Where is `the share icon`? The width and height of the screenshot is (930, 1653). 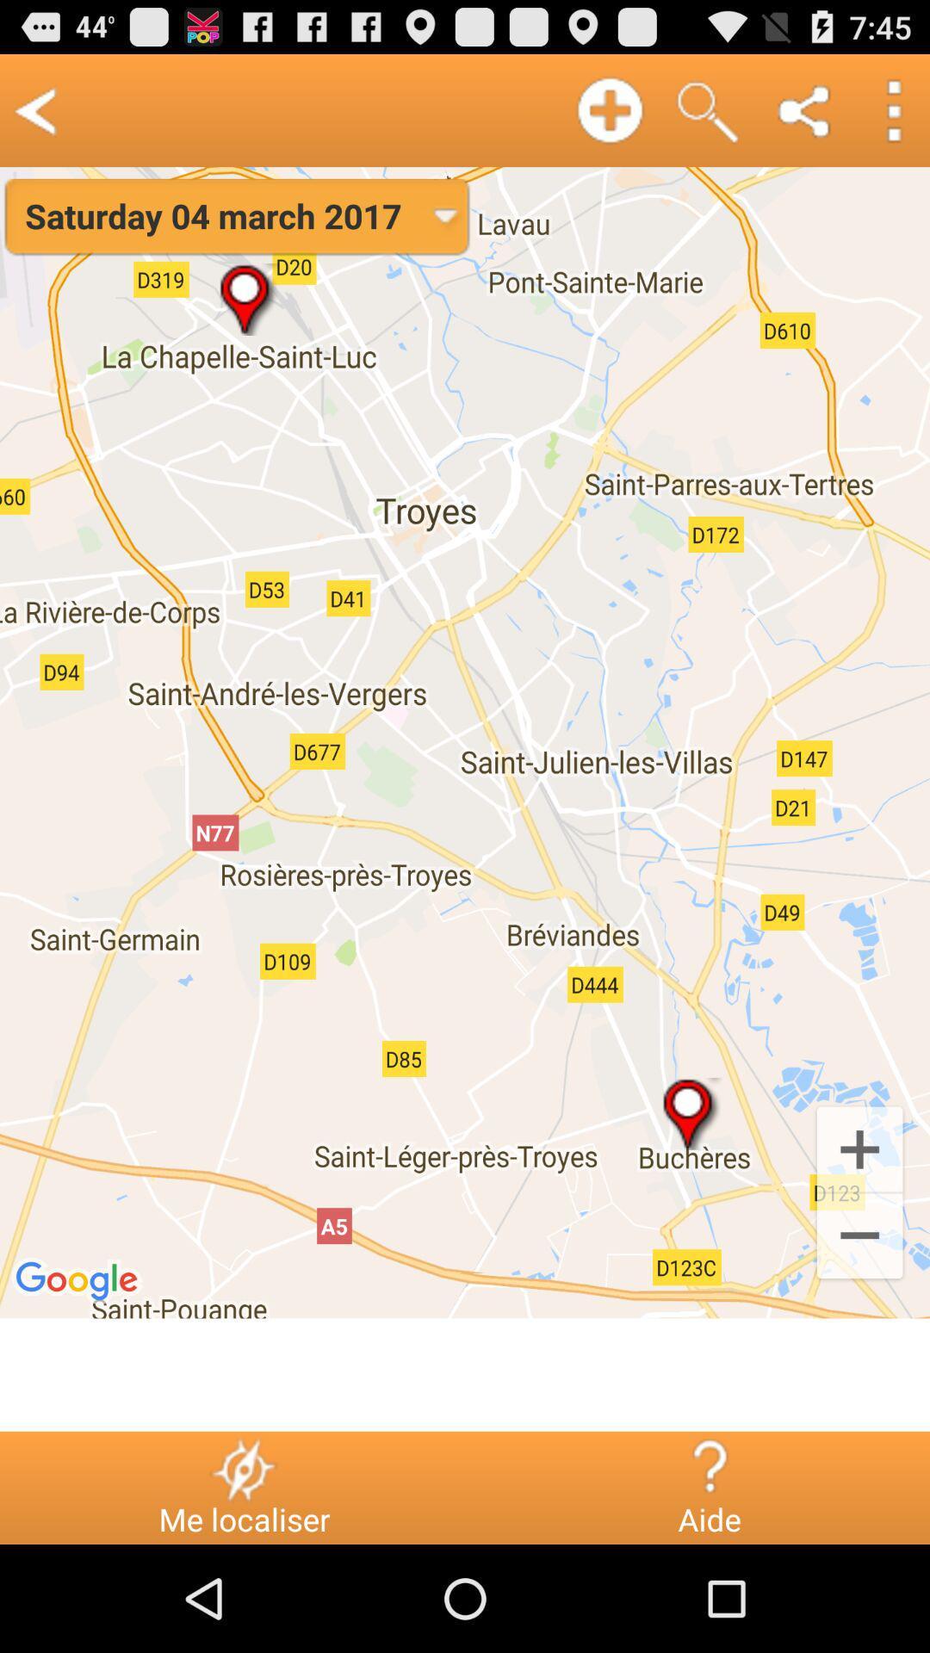 the share icon is located at coordinates (805, 117).